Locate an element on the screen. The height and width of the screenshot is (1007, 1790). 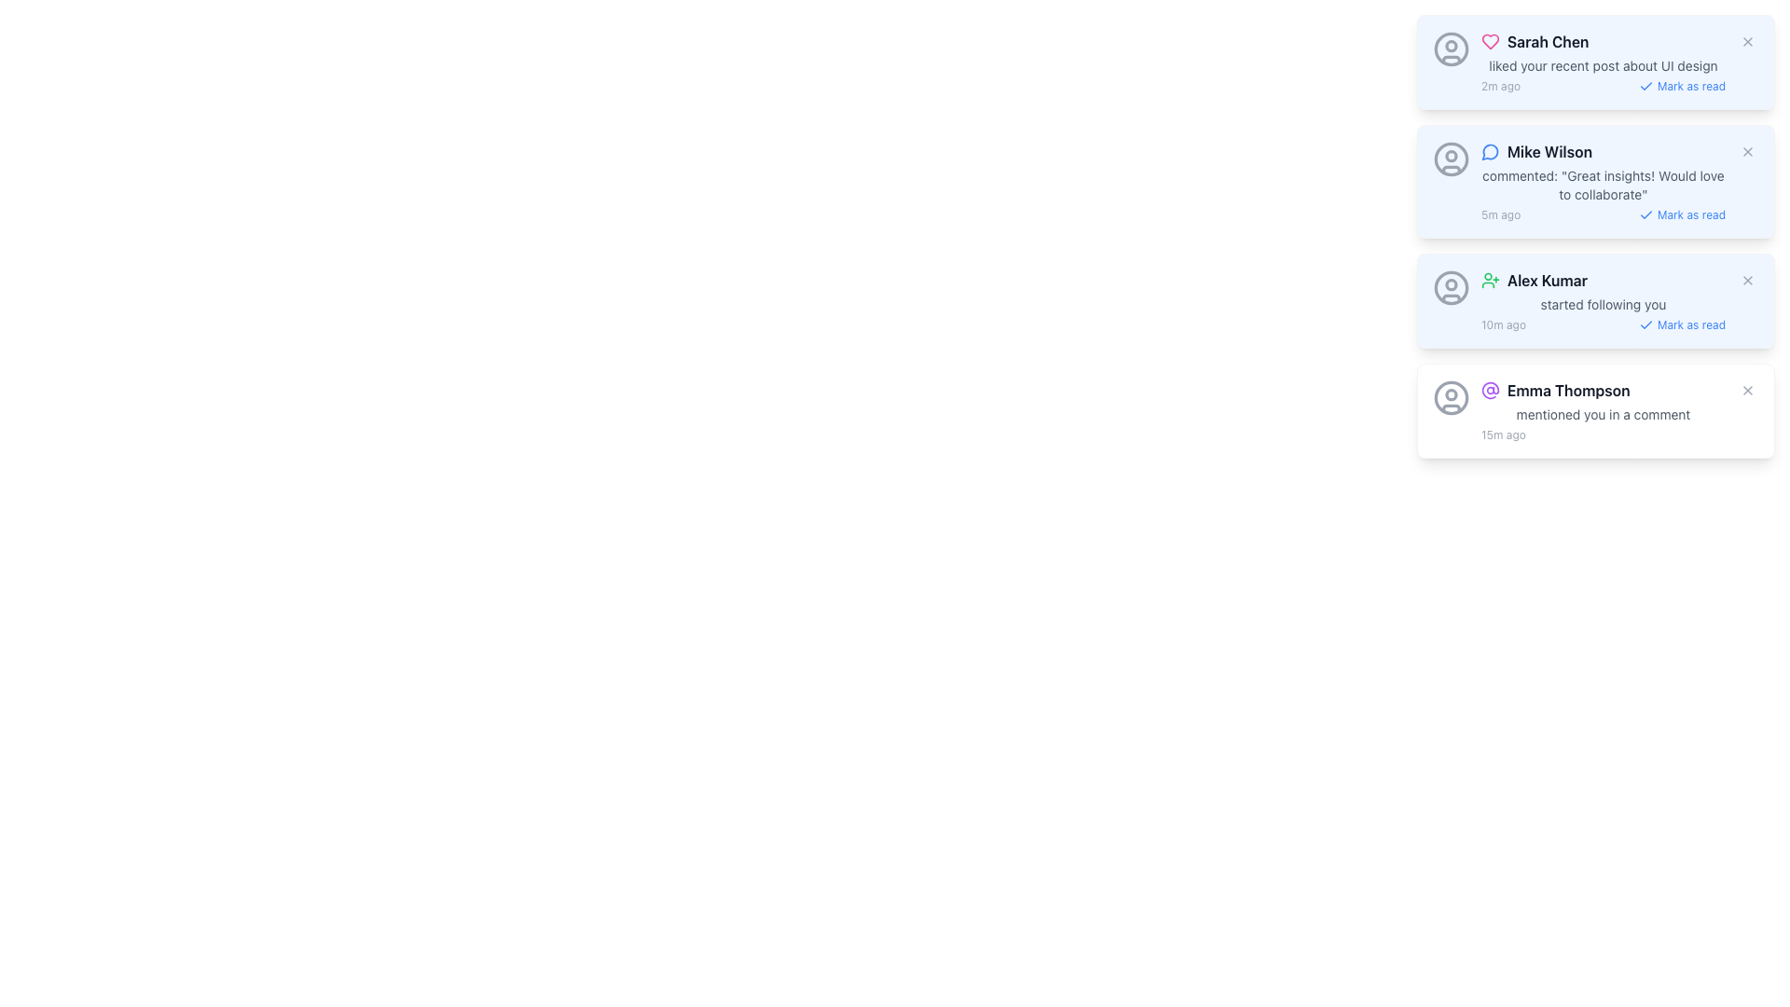
the circular dismiss button with an 'X' icon located at the top-right corner of the notification for 'Sarah Chen' is located at coordinates (1747, 42).